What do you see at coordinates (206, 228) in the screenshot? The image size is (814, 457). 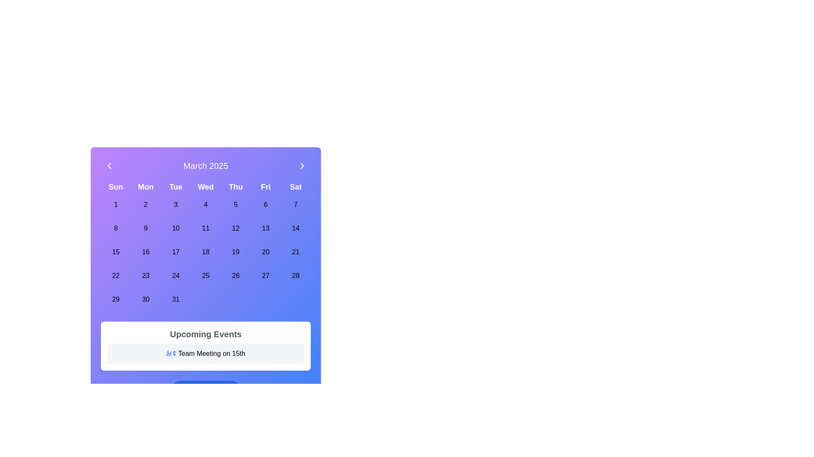 I see `the interactive calendar day cell displaying the number '11' located under the 'Wed' column to trigger styling changes` at bounding box center [206, 228].